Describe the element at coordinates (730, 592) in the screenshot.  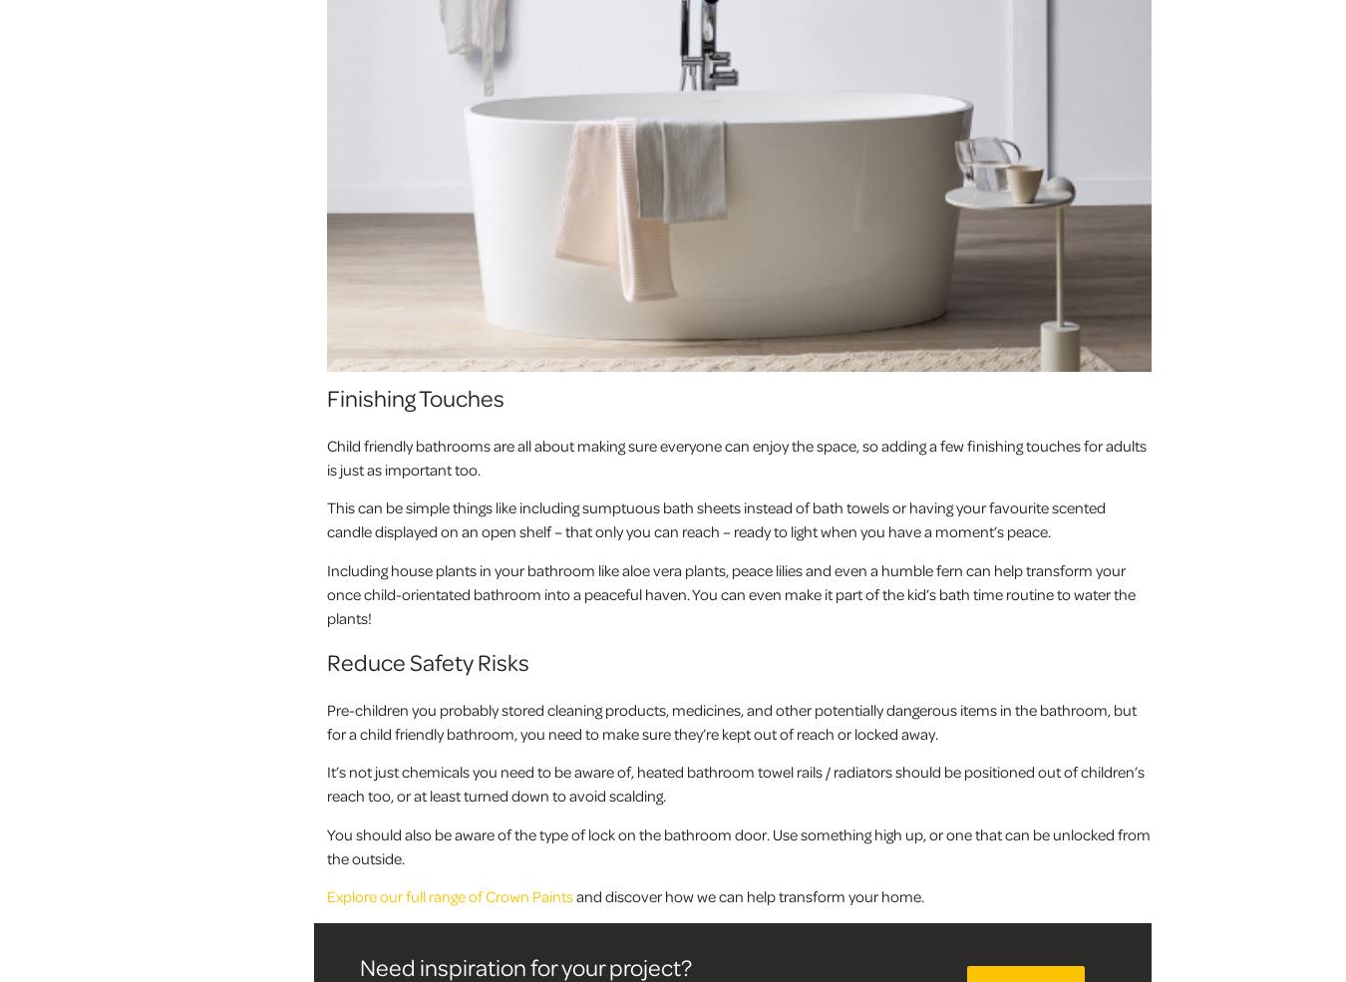
I see `'Including house plants in your bathroom like aloe vera plants, peace lilies and even a humble fern can help transform your once child-orientated bathroom into a peaceful haven. You can even make it part of the kid’s bath time routine to water the plants!'` at that location.